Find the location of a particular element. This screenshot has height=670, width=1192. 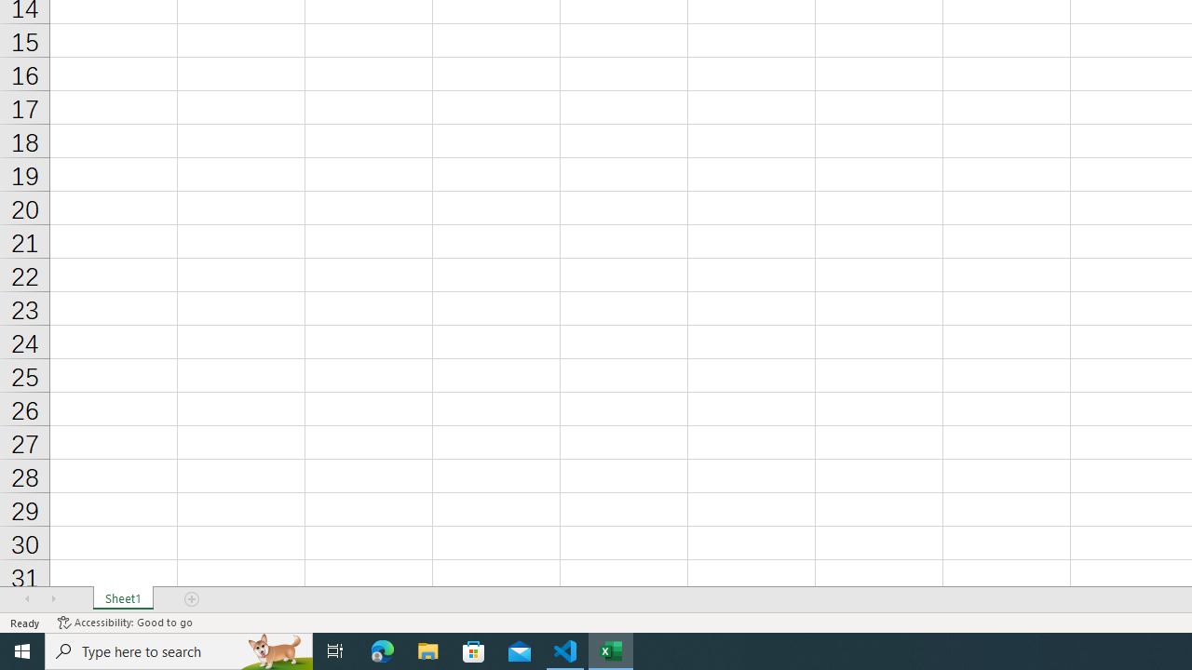

'Add Sheet' is located at coordinates (193, 599).